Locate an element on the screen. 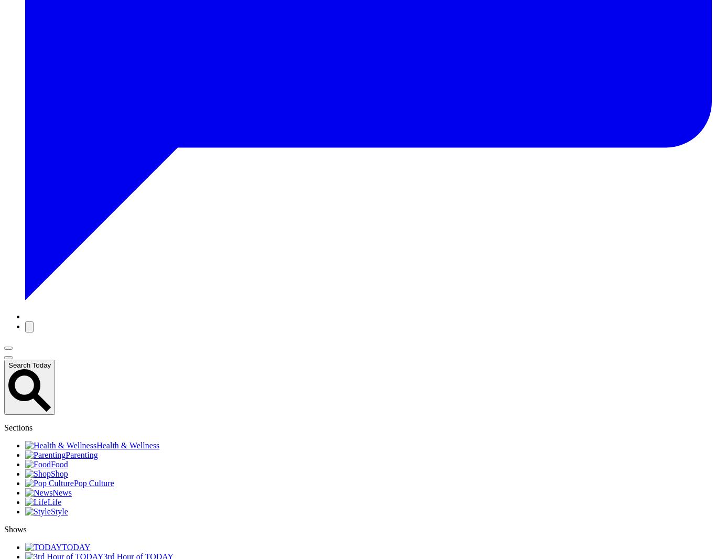 The width and height of the screenshot is (716, 559). 'Search Today' is located at coordinates (29, 364).